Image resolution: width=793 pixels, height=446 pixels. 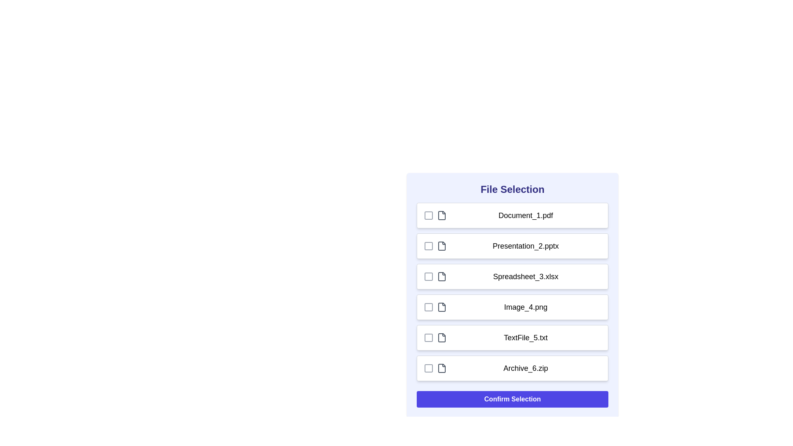 What do you see at coordinates (428, 277) in the screenshot?
I see `the checkbox corresponding to Spreadsheet_3.xlsx` at bounding box center [428, 277].